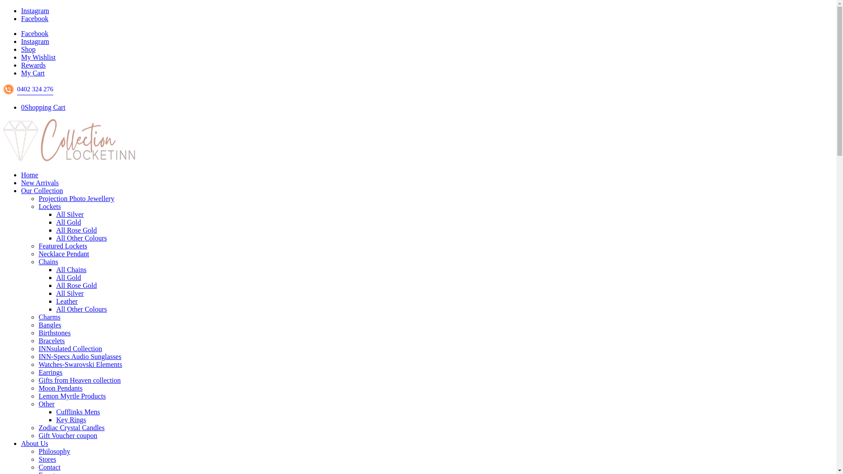 The width and height of the screenshot is (843, 474). I want to click on 'Rewards', so click(33, 65).